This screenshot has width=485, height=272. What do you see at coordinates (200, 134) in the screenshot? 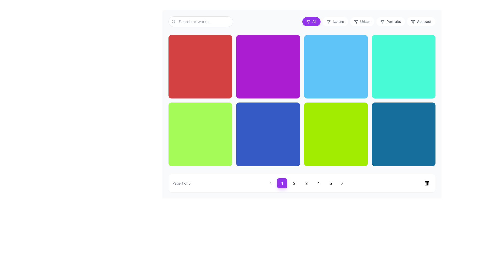
I see `the interactive visual tile with a bright green background, rounded corners, and textual information in the second row, first column of the grid layout` at bounding box center [200, 134].